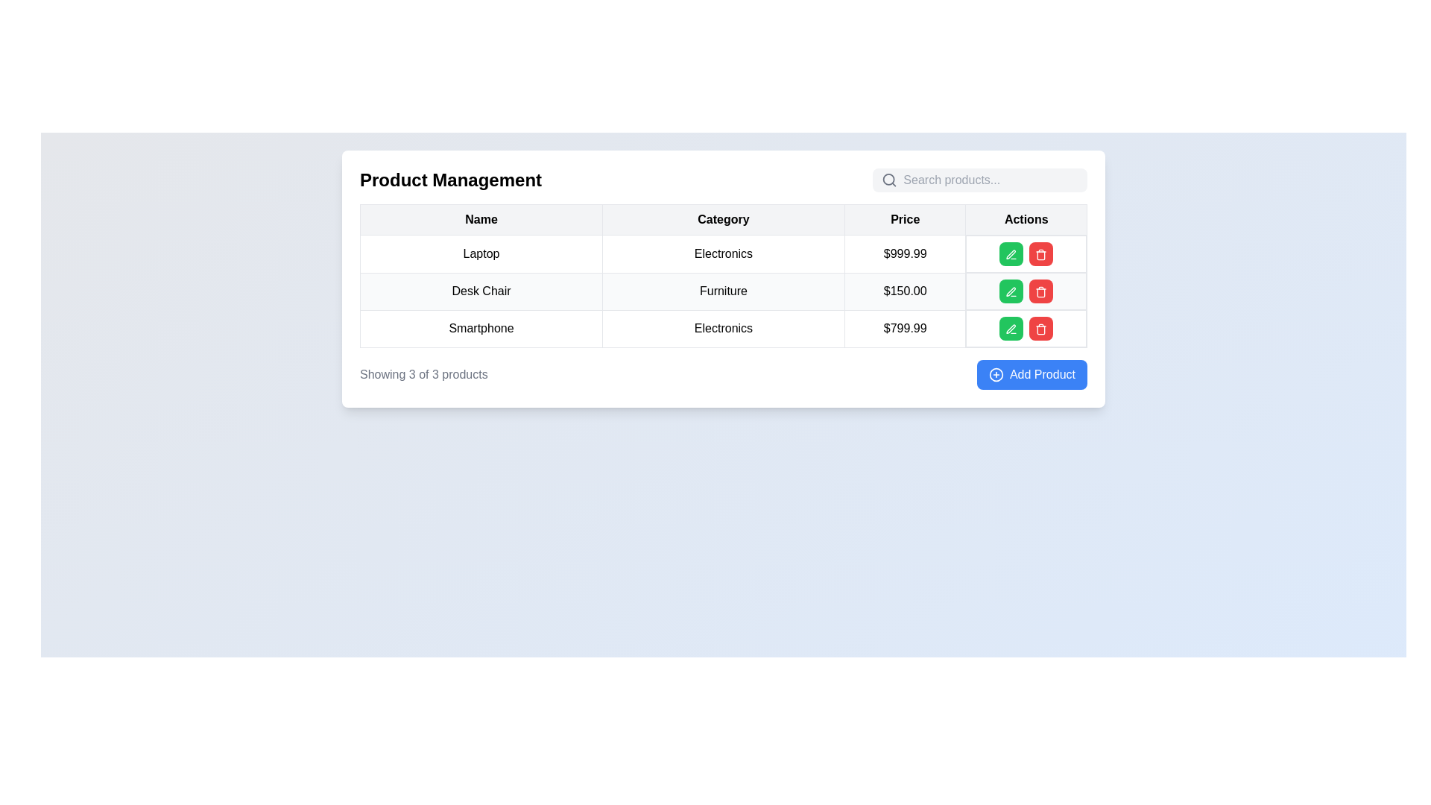  I want to click on the text label displaying 'Smartphone' which is the first column element in the third row under the 'Name' header of the table, so click(481, 328).